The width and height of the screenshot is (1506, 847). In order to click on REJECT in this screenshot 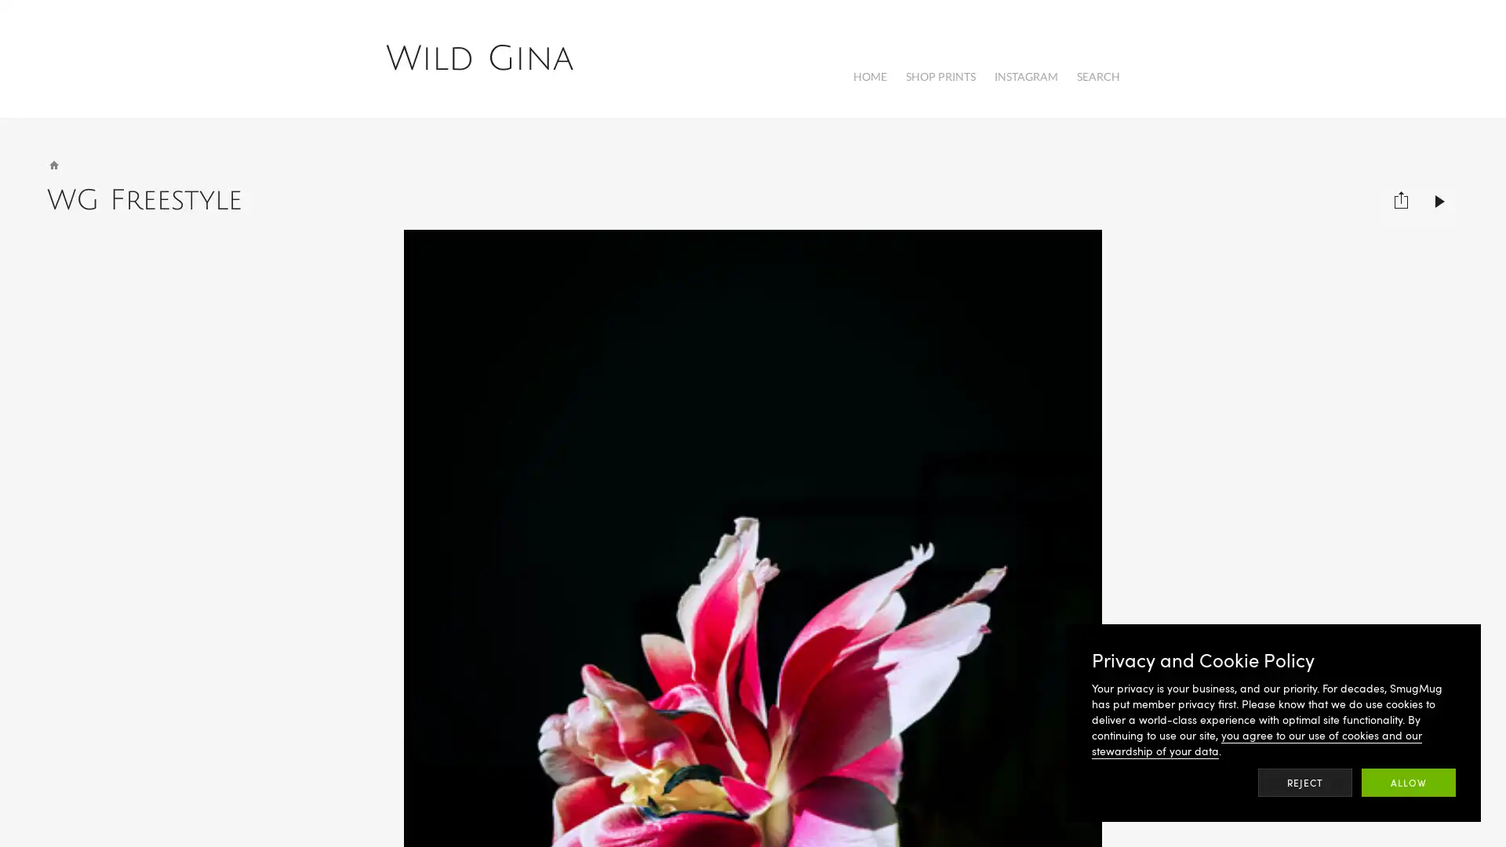, I will do `click(1305, 783)`.